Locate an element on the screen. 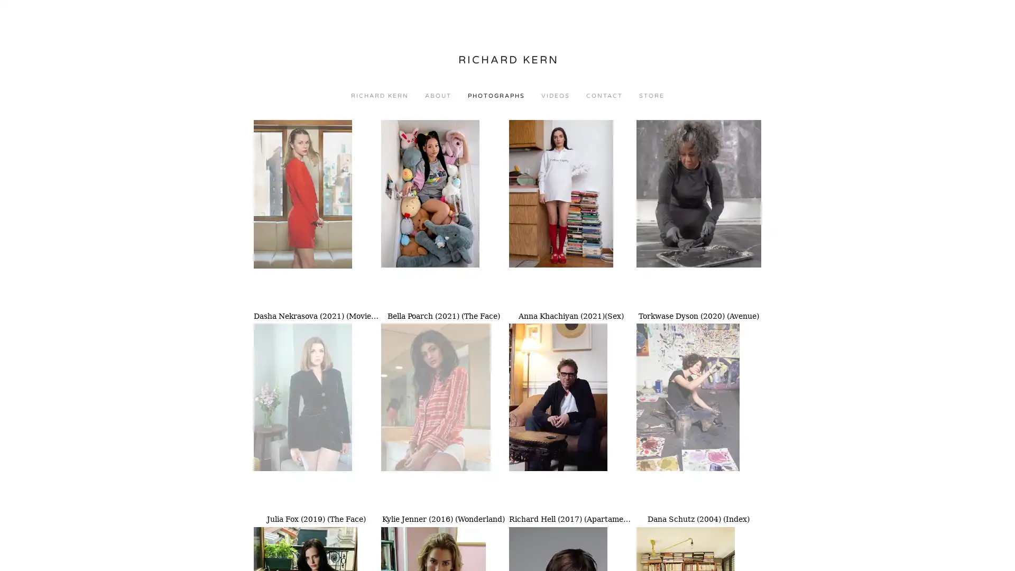 This screenshot has height=571, width=1015. View fullsize Torkwase Dyson (2020) (Avenue) is located at coordinates (698, 214).